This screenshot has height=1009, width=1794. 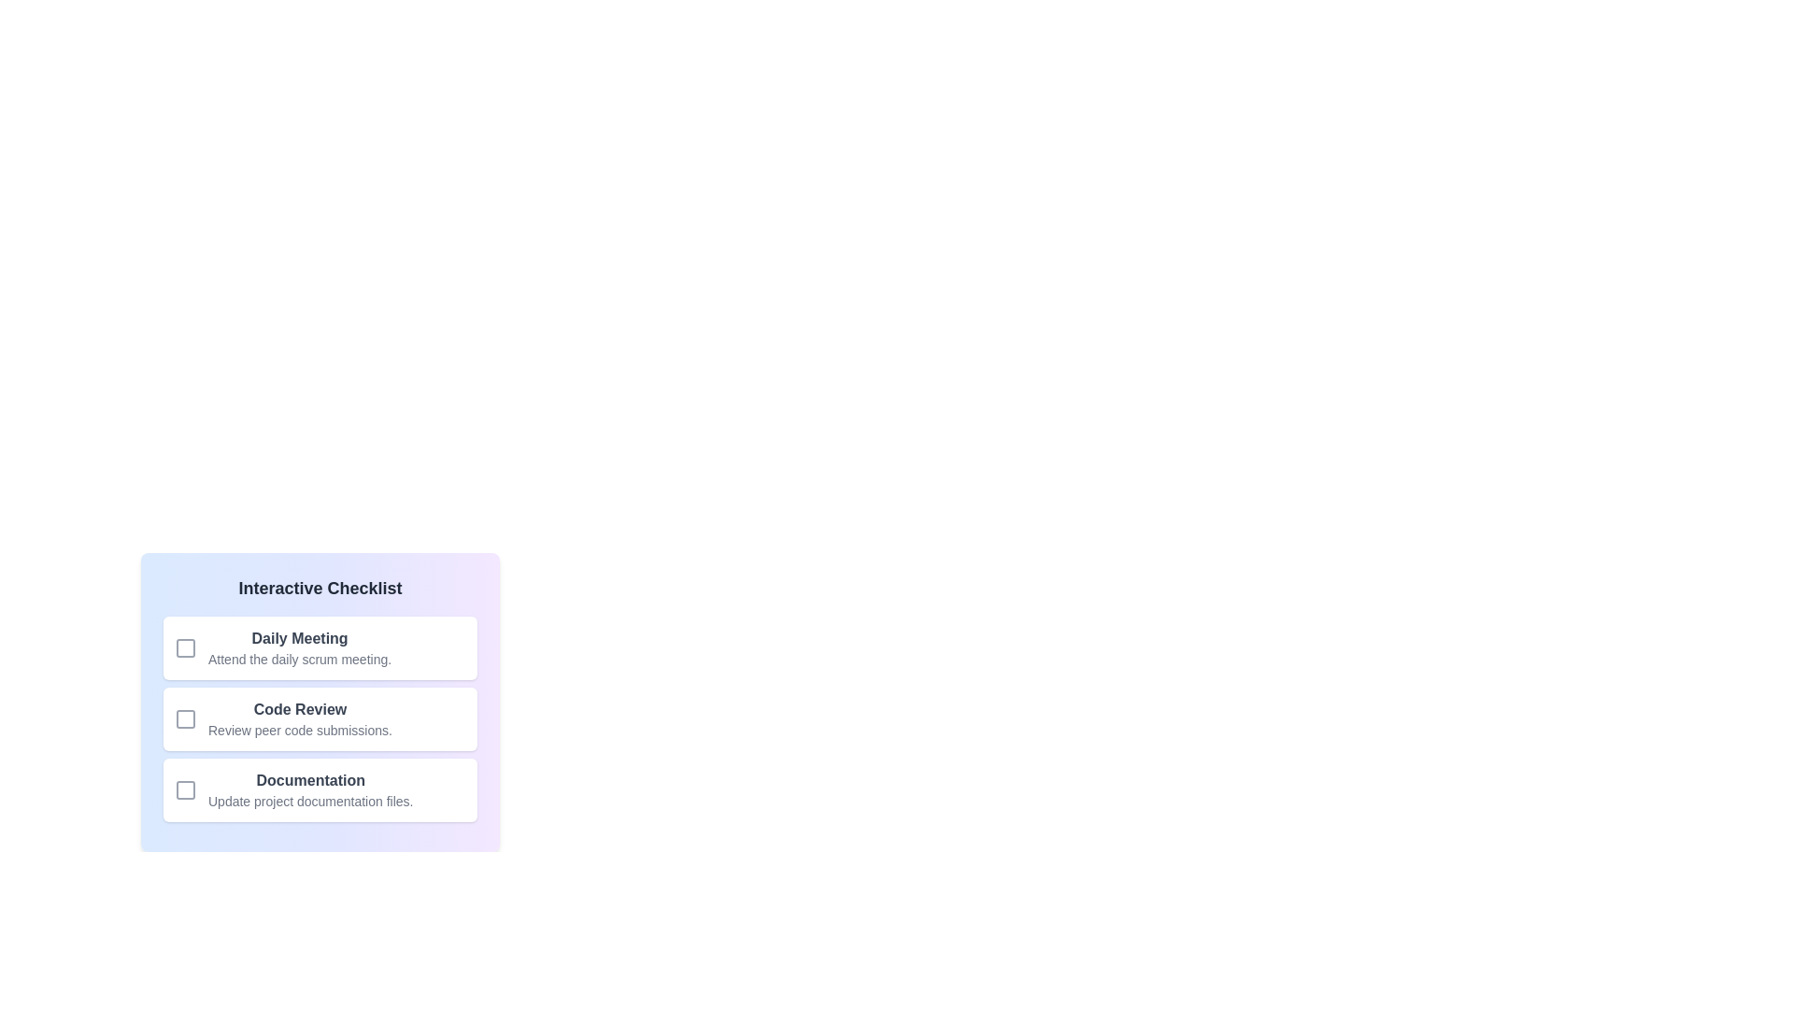 What do you see at coordinates (185, 718) in the screenshot?
I see `the checkbox located within the checklist item titled 'Code Review'` at bounding box center [185, 718].